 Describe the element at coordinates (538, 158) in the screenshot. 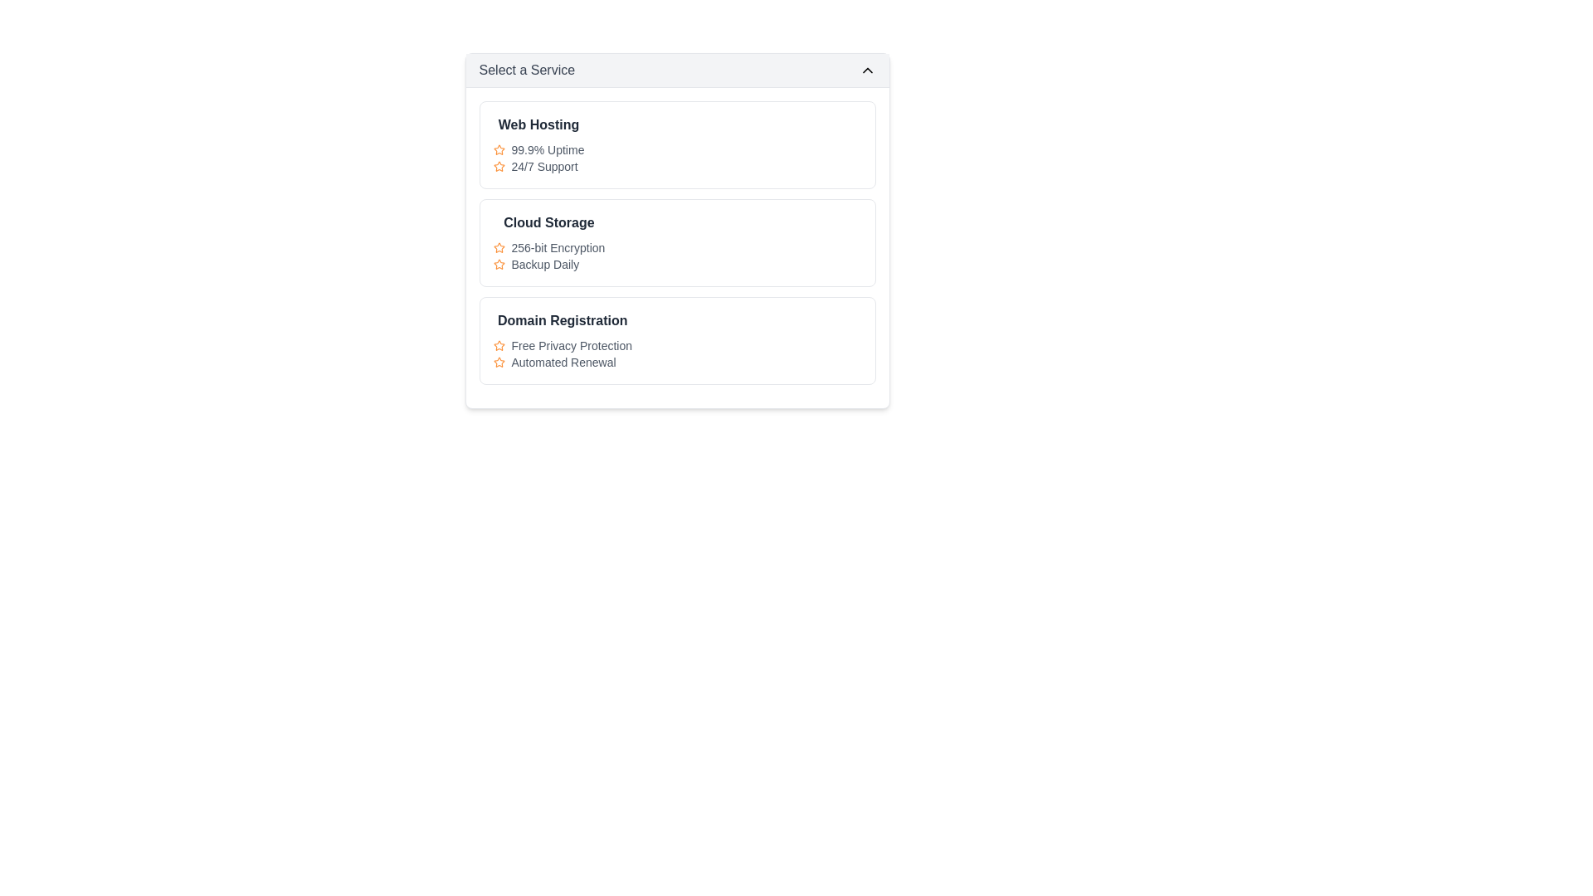

I see `descriptive text block about the 'Web Hosting' service located below the 'Web Hosting' title in the first section of the 'Select a Service' list` at that location.